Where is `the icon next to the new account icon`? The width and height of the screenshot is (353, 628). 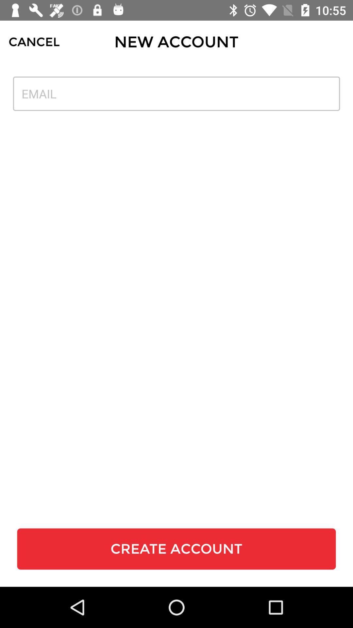 the icon next to the new account icon is located at coordinates (34, 42).